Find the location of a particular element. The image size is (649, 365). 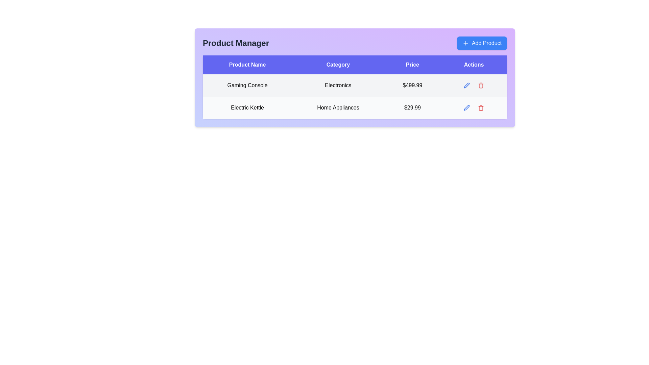

product details from the first row of the table, which includes the product name, category, price, and actions is located at coordinates (355, 85).